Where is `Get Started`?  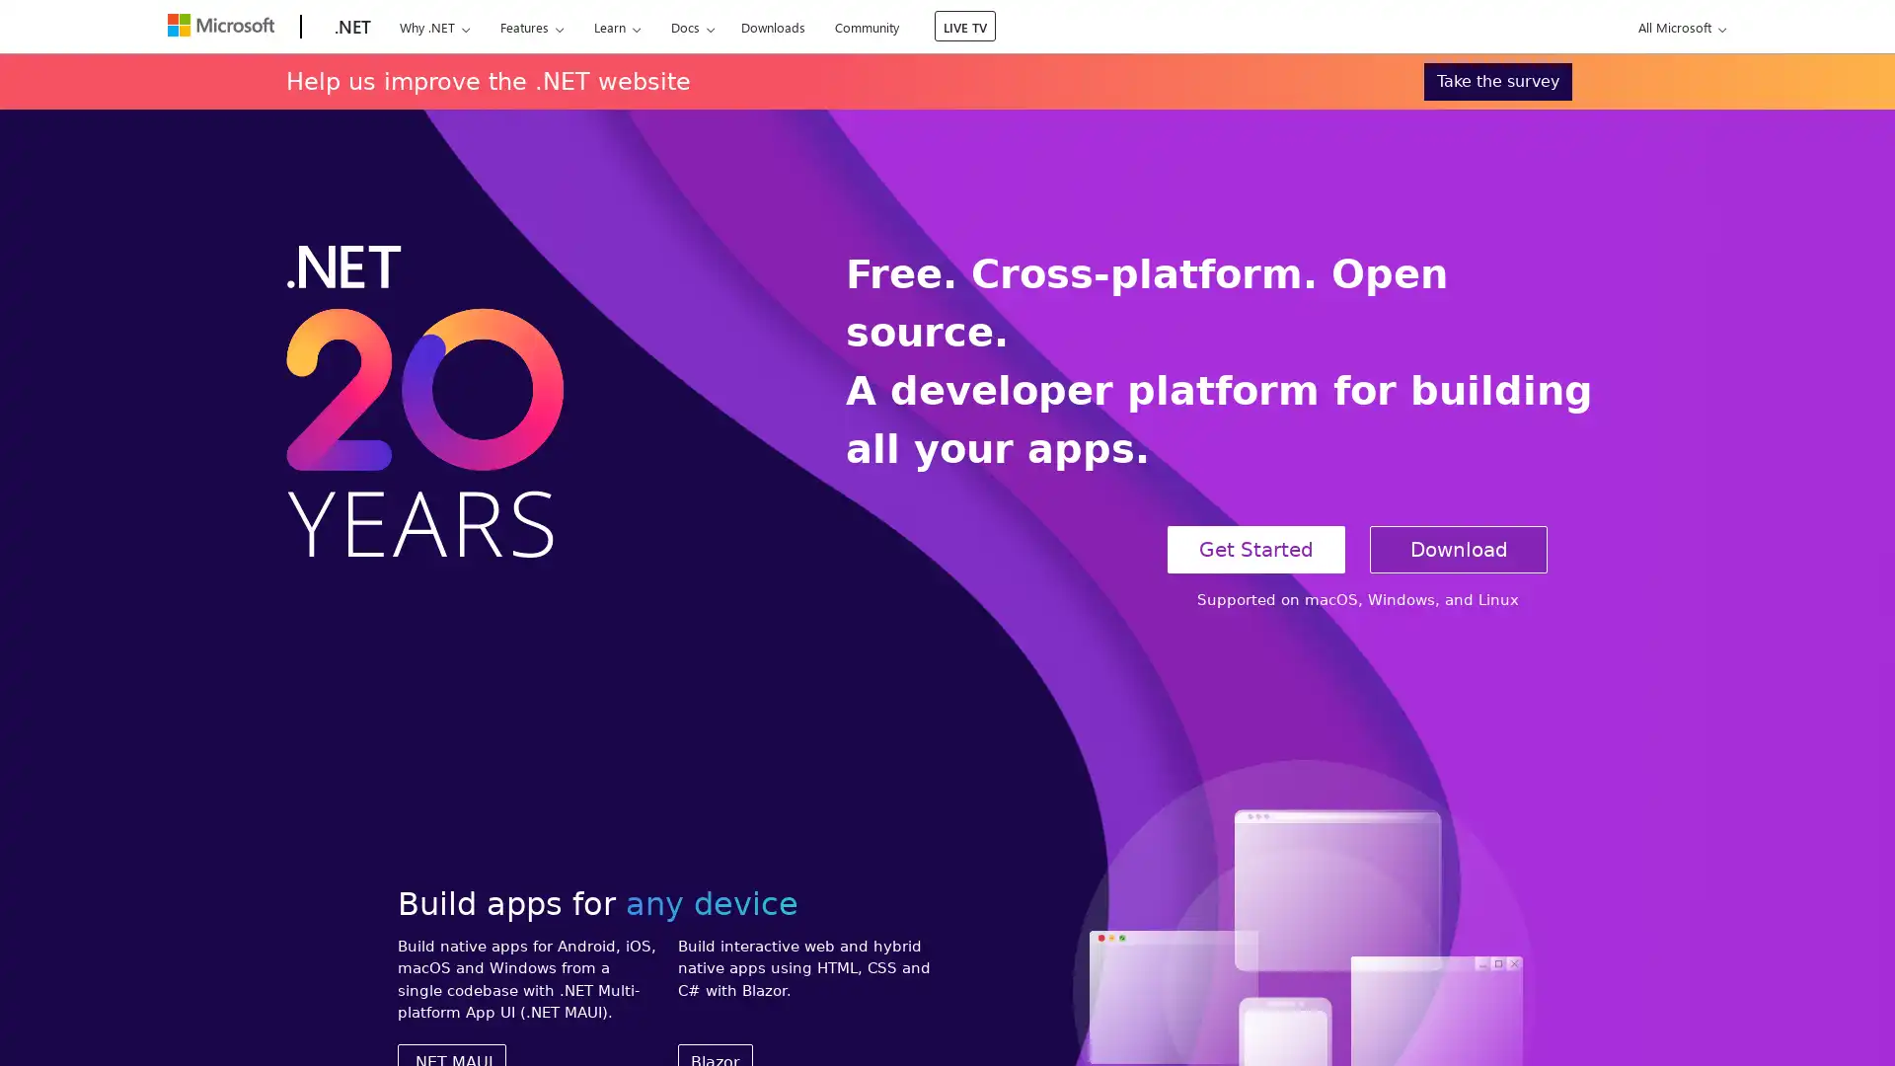
Get Started is located at coordinates (1254, 549).